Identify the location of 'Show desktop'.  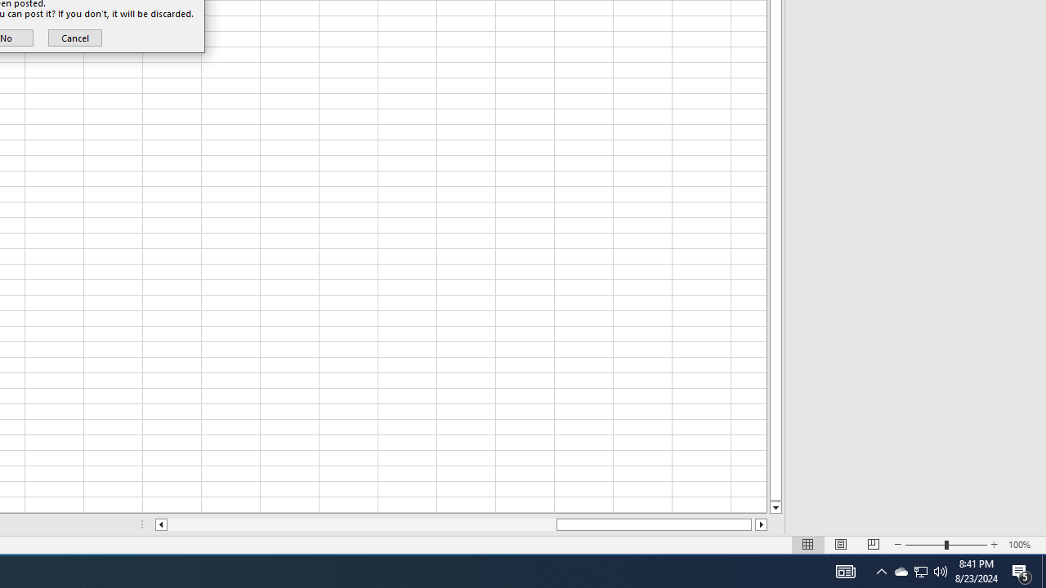
(1043, 570).